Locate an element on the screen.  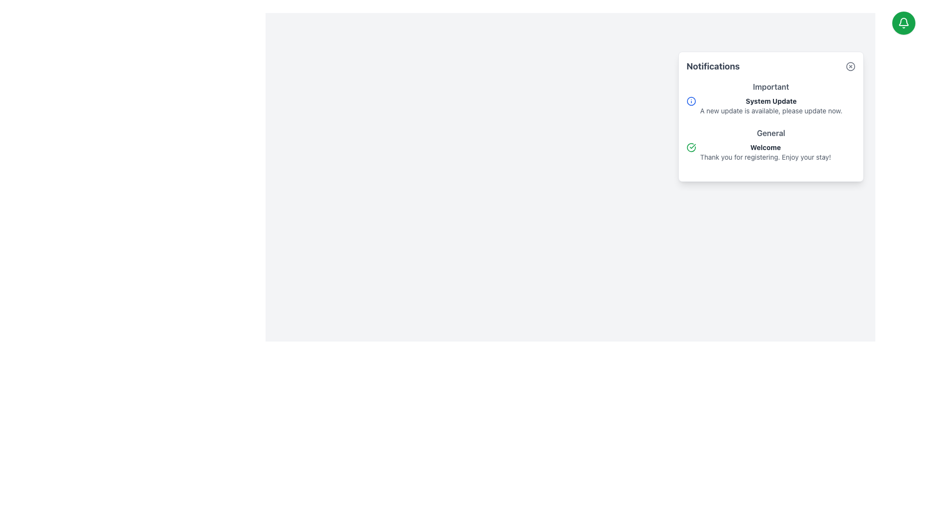
the text block that displays 'Thank you for registering. Enjoy your stay!' located in the notification panel under the 'General' category, positioned directly beneath the 'Welcome' heading is located at coordinates (765, 157).